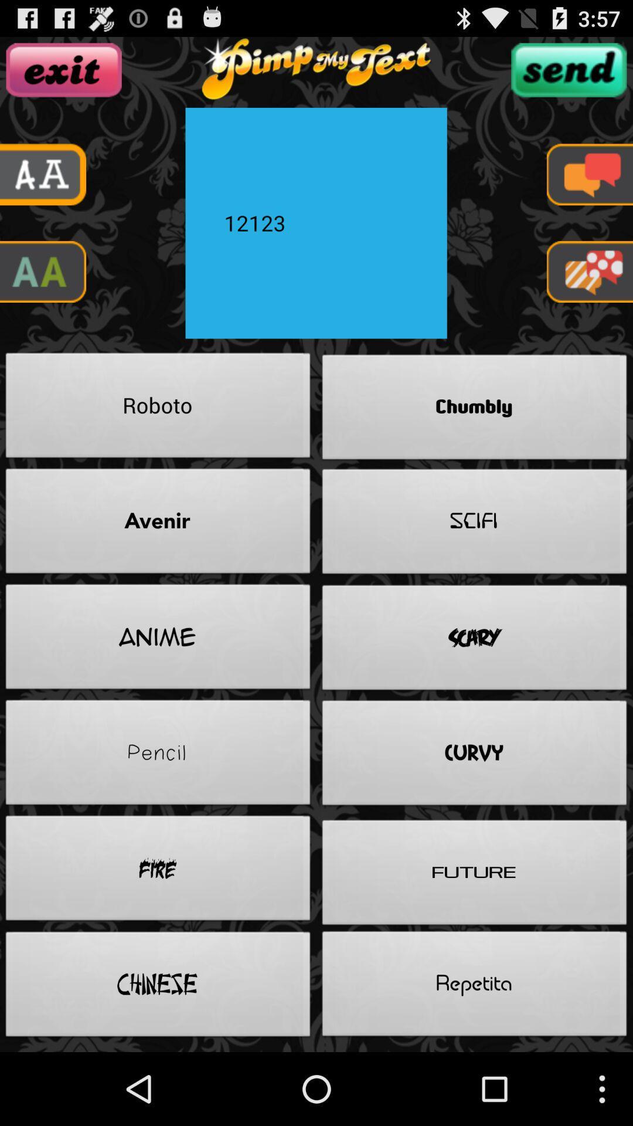 This screenshot has width=633, height=1126. What do you see at coordinates (590, 186) in the screenshot?
I see `the chat icon` at bounding box center [590, 186].